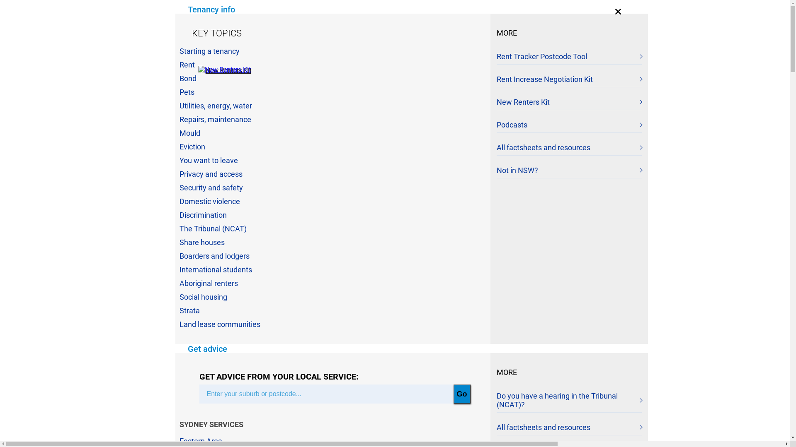 The height and width of the screenshot is (447, 796). What do you see at coordinates (203, 296) in the screenshot?
I see `'Social housing'` at bounding box center [203, 296].